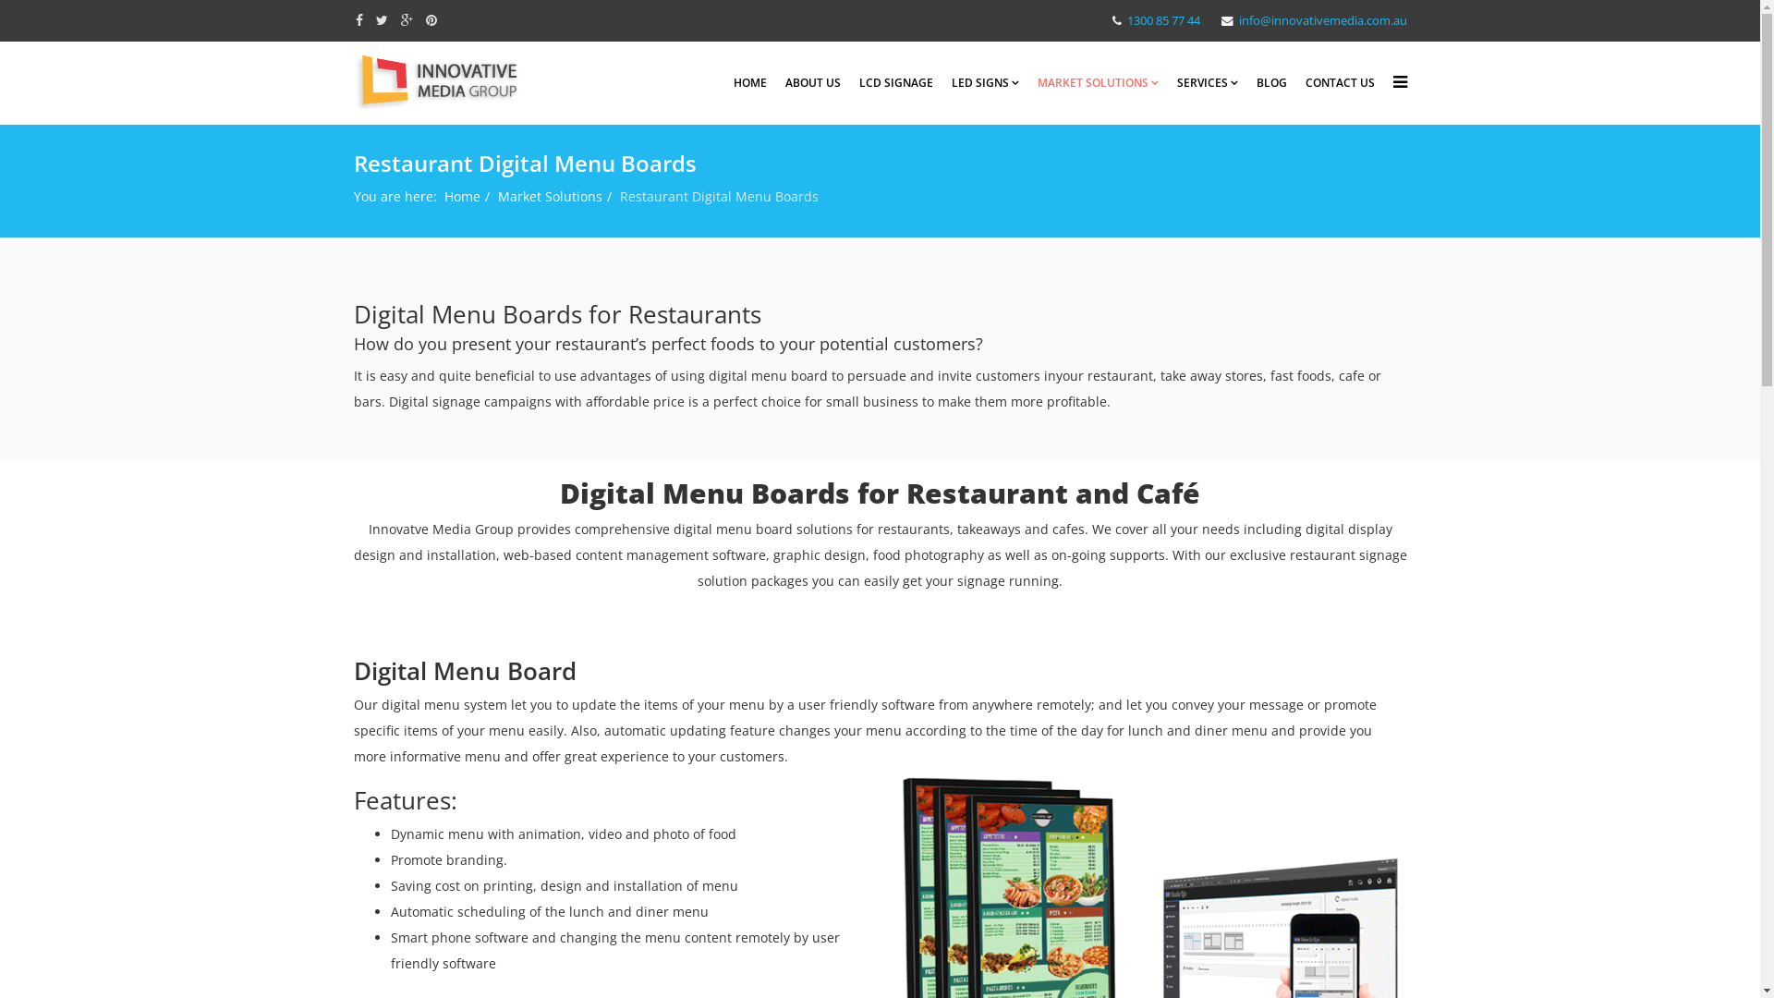  I want to click on 'LCD SIGNAGE', so click(895, 81).